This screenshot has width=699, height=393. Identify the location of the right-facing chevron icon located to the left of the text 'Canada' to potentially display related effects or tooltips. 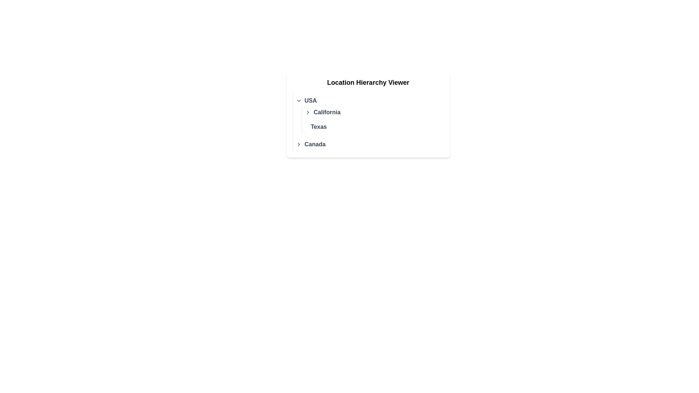
(299, 144).